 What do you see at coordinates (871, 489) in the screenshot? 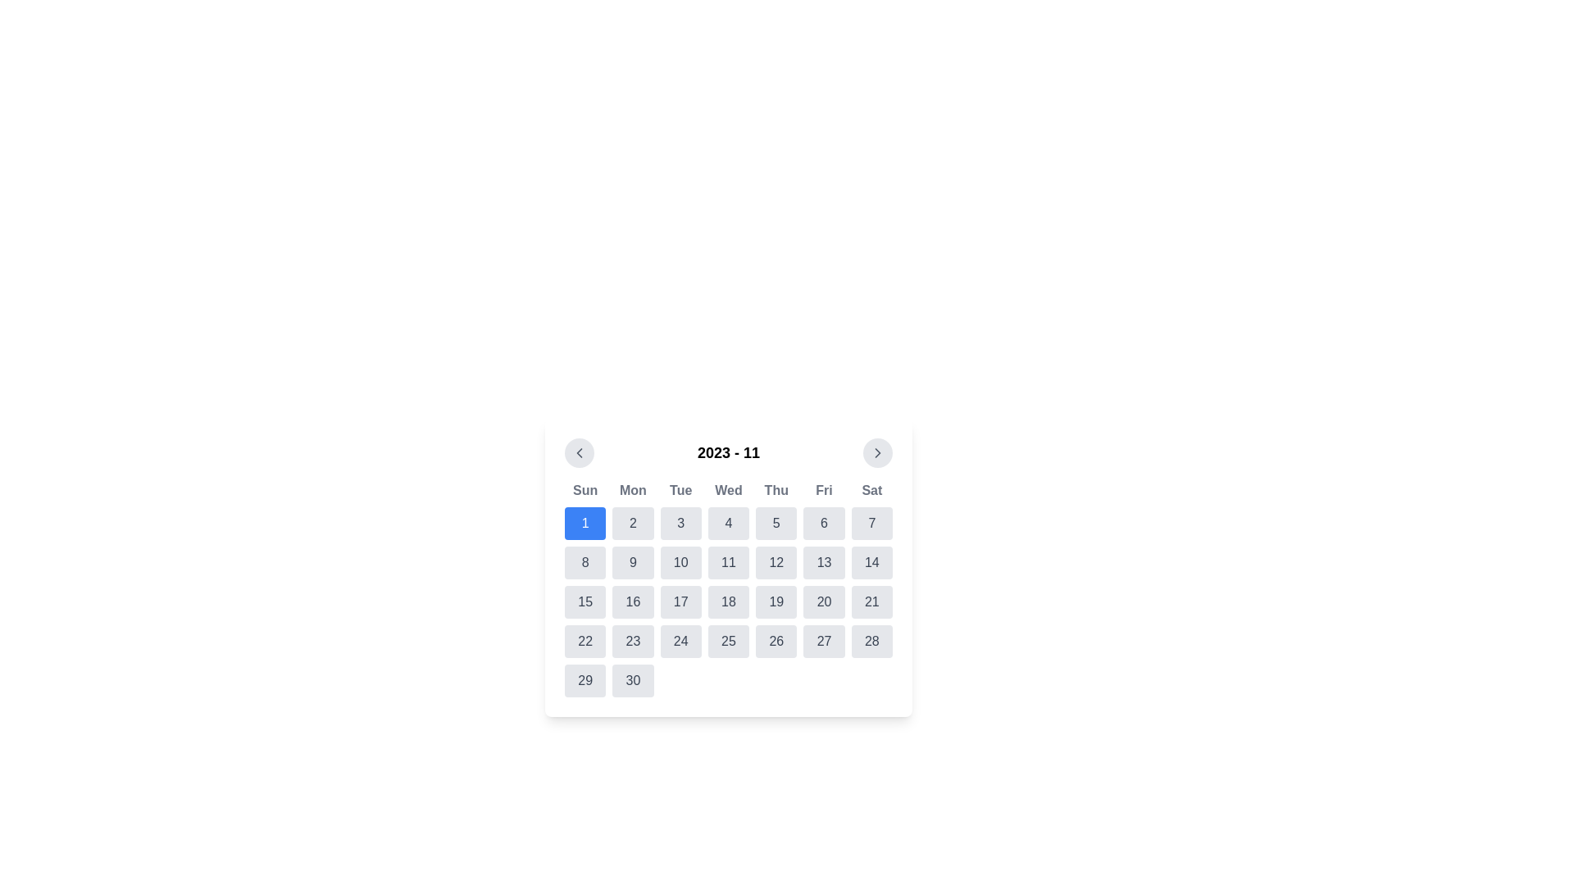
I see `the text label displaying 'Sat' in gray color, which is the last element in a horizontal list of day names in the calendar interface` at bounding box center [871, 489].